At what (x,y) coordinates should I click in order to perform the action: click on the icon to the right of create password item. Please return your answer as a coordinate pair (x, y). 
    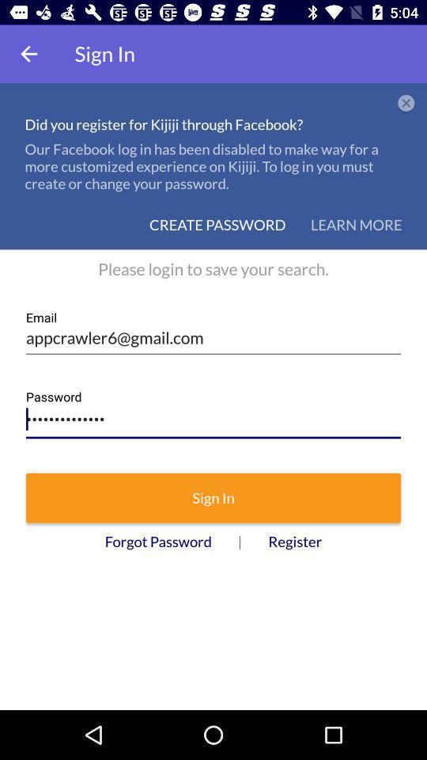
    Looking at the image, I should click on (356, 224).